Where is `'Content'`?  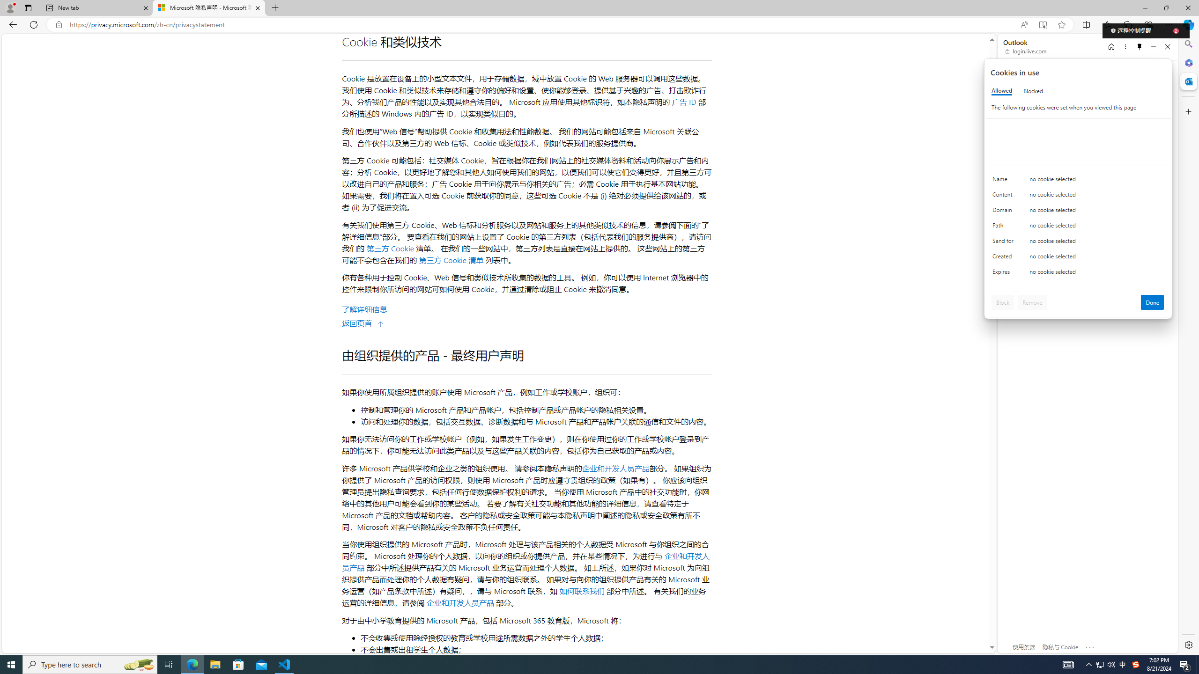
'Content' is located at coordinates (1004, 197).